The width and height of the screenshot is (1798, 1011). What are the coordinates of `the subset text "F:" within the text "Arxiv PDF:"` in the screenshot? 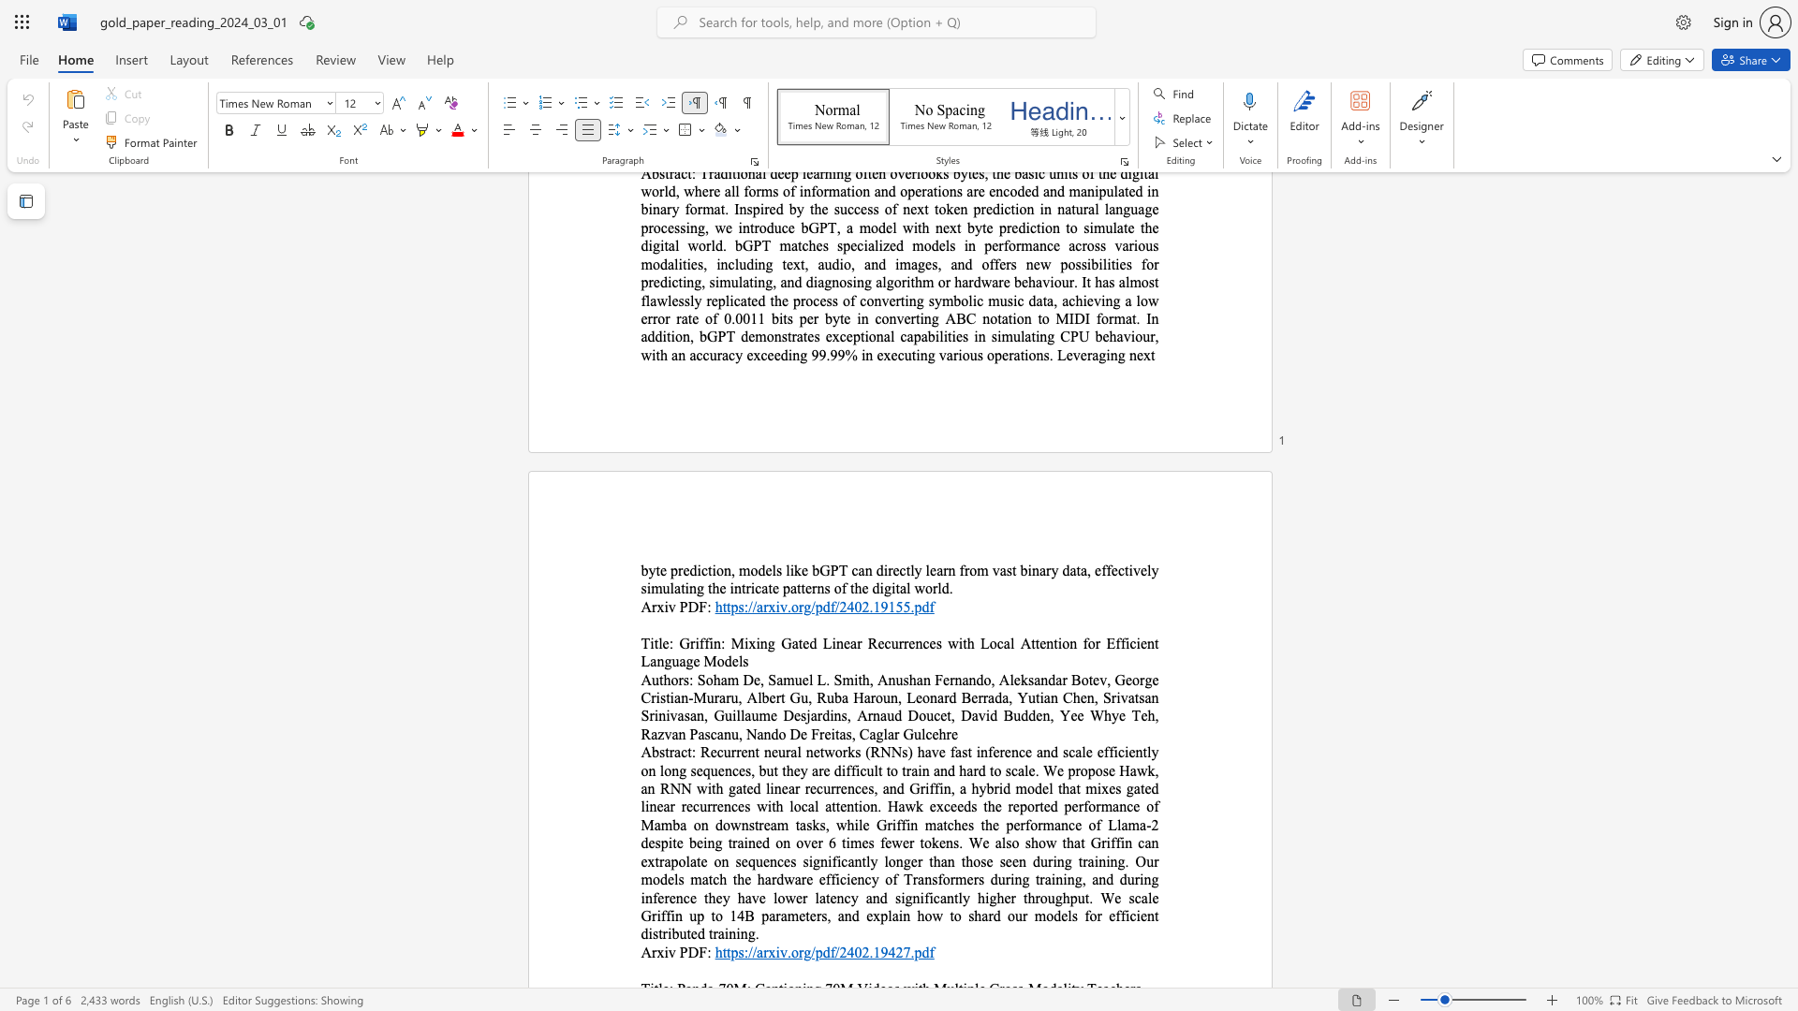 It's located at (698, 952).